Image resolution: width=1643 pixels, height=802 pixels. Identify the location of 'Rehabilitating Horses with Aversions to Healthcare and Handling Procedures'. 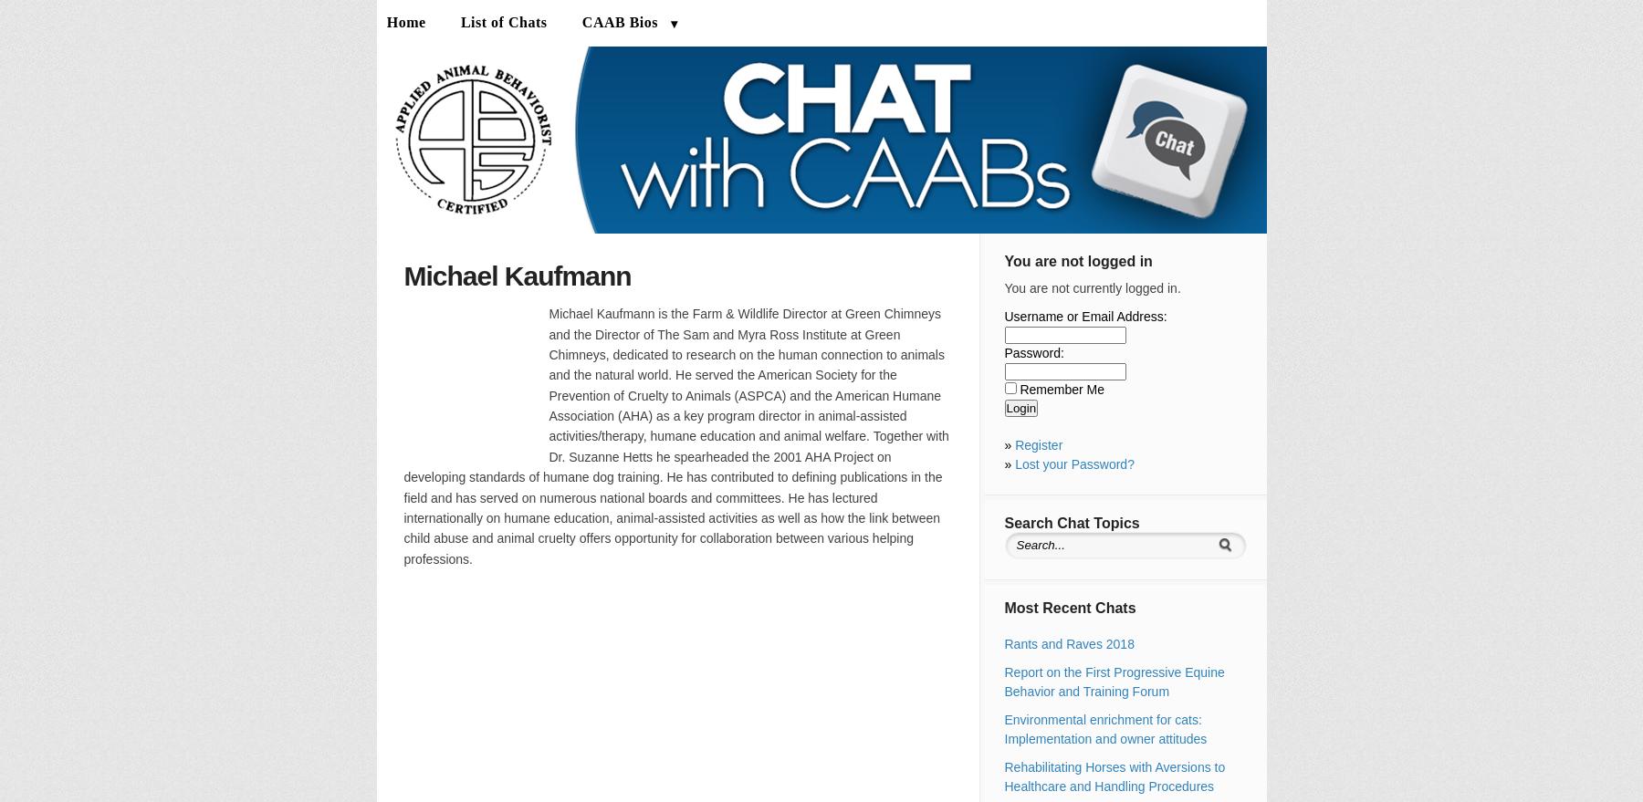
(1003, 776).